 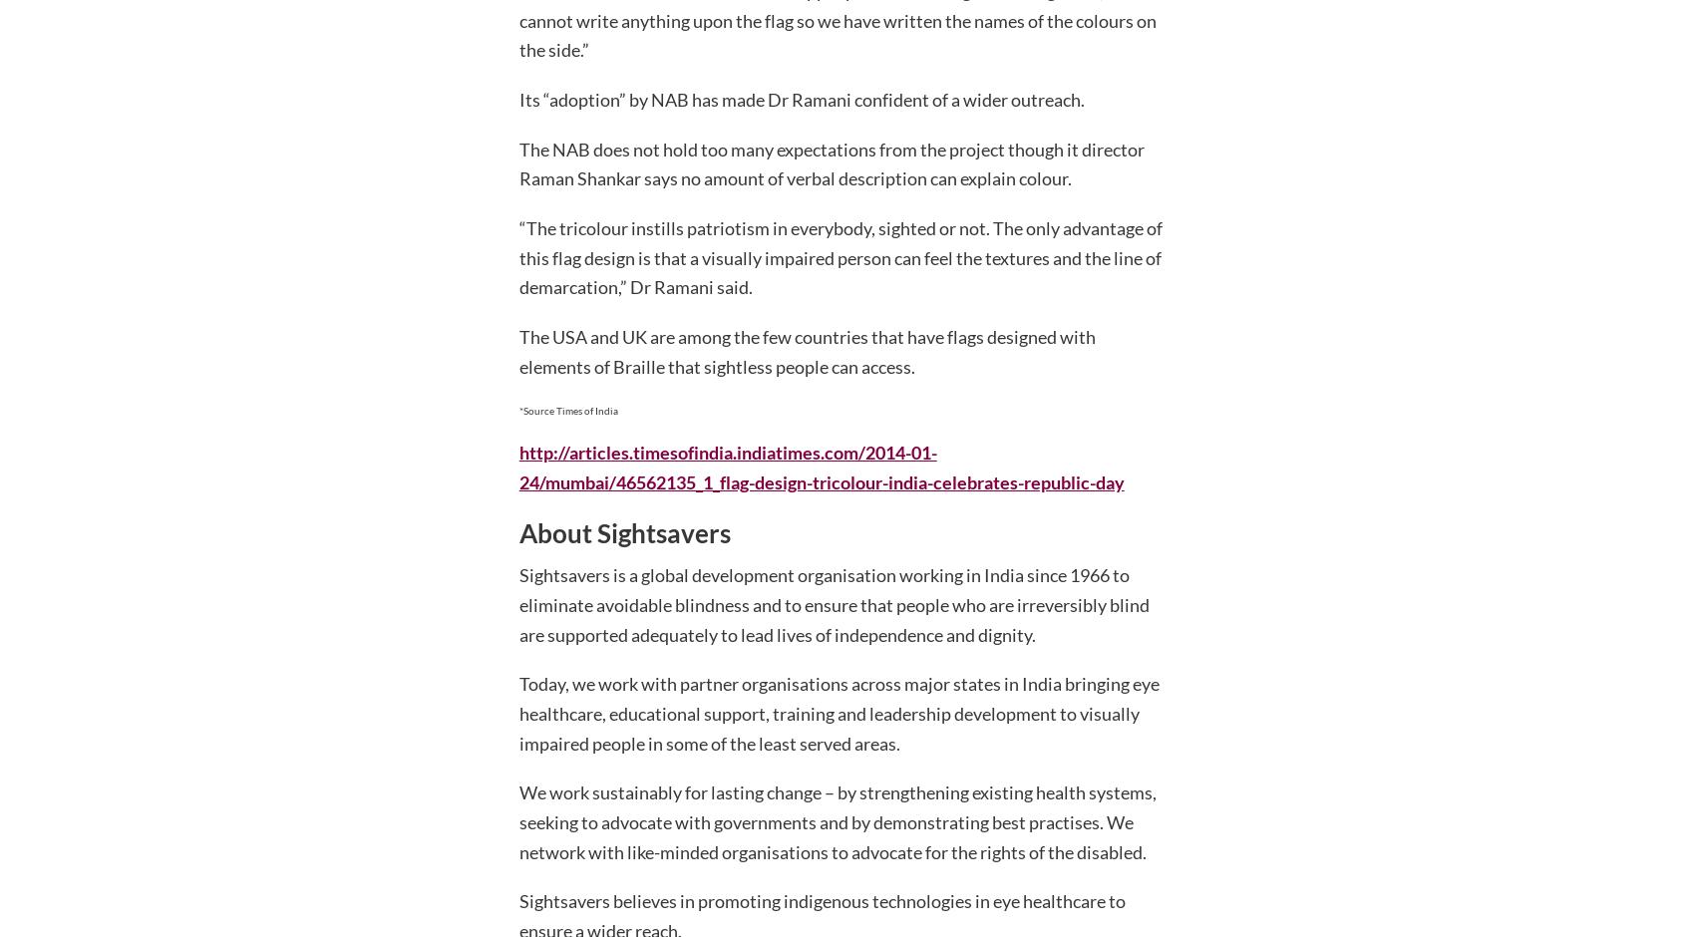 I want to click on 'The NAB does not hold too many expectations from the project though it director Raman Shankar says no amount of verbal description can explain colour.', so click(x=831, y=163).